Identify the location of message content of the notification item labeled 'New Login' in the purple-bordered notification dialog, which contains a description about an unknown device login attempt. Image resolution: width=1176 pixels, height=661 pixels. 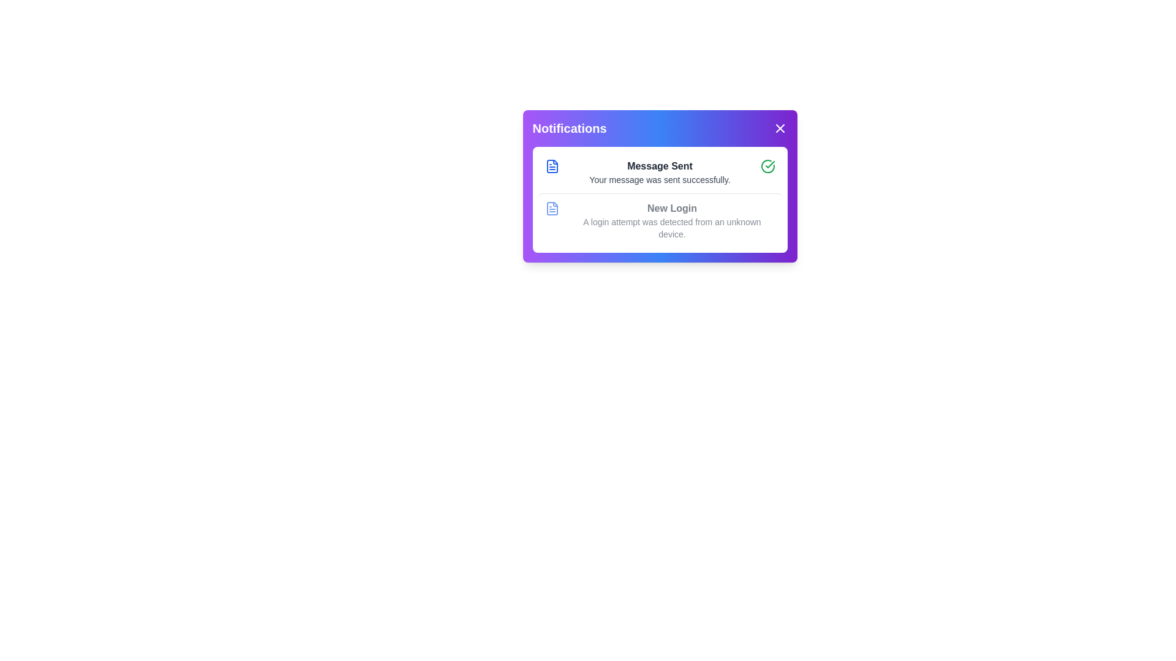
(671, 221).